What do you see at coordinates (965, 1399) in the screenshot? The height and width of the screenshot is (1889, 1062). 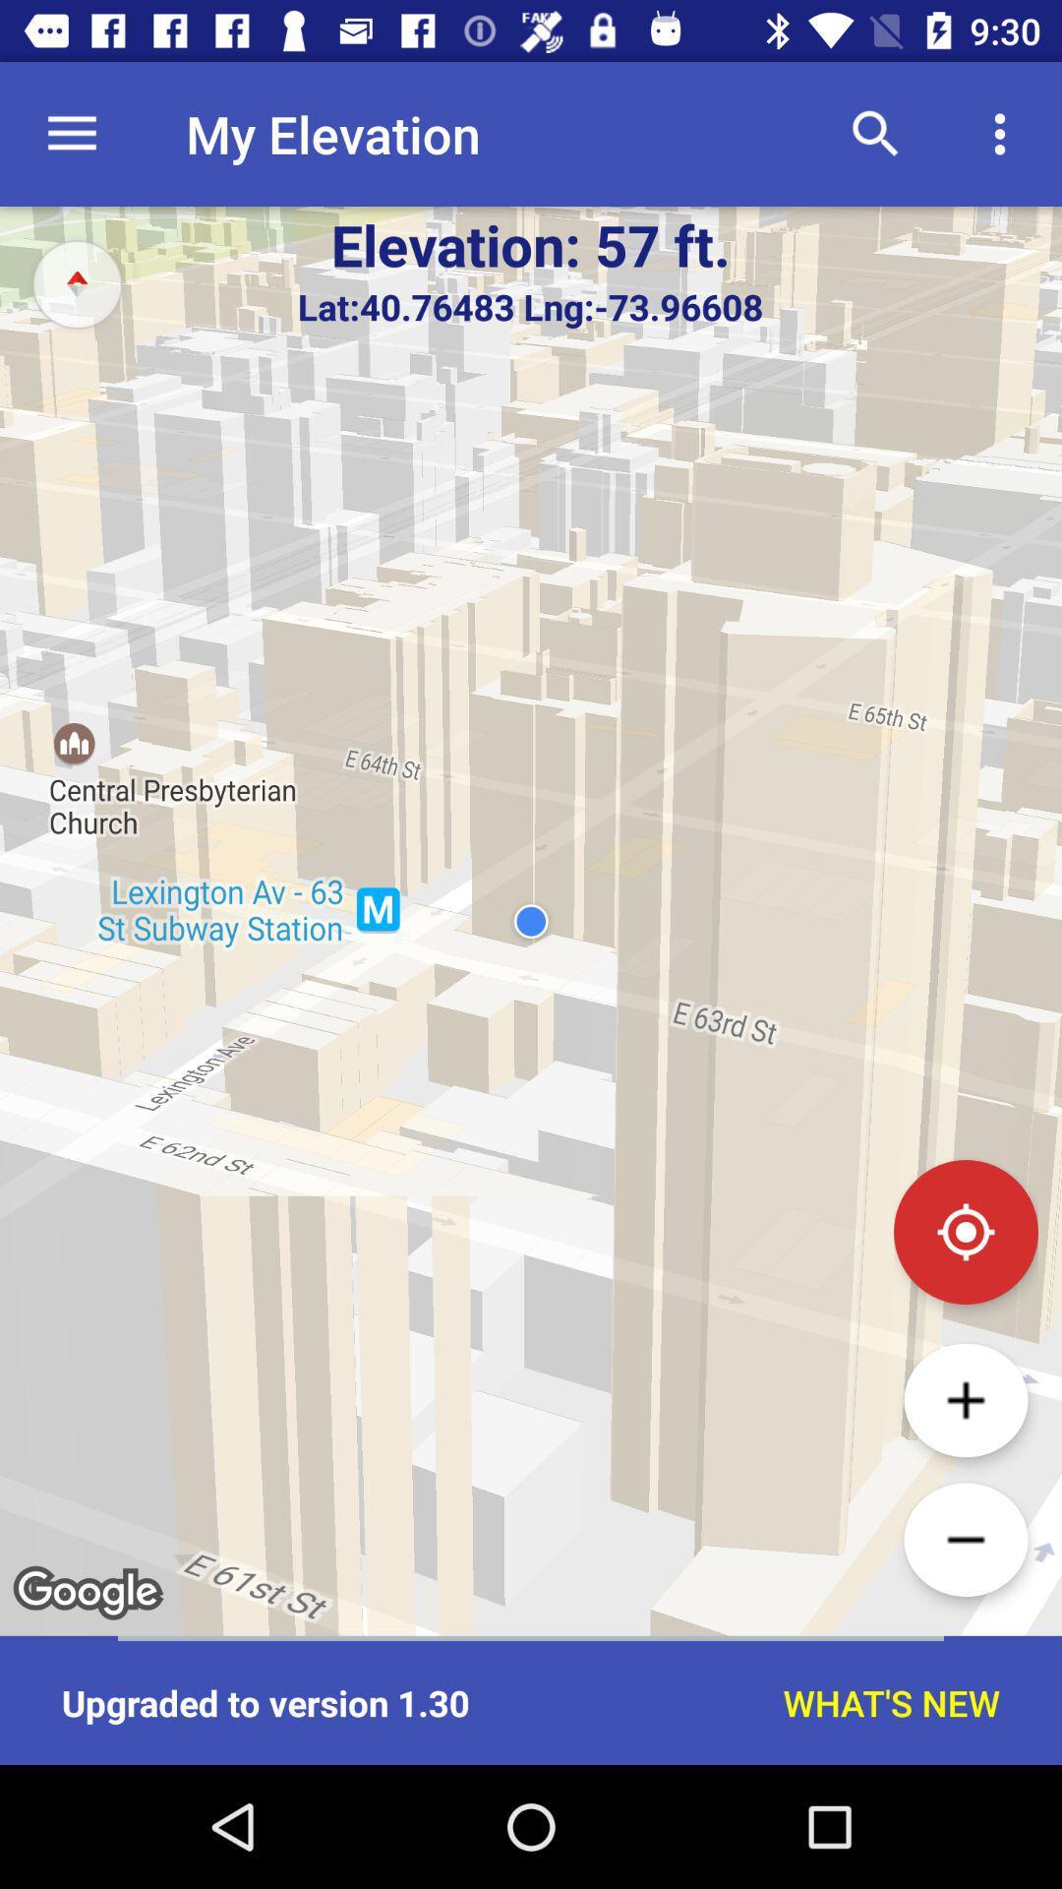 I see `zoom in` at bounding box center [965, 1399].